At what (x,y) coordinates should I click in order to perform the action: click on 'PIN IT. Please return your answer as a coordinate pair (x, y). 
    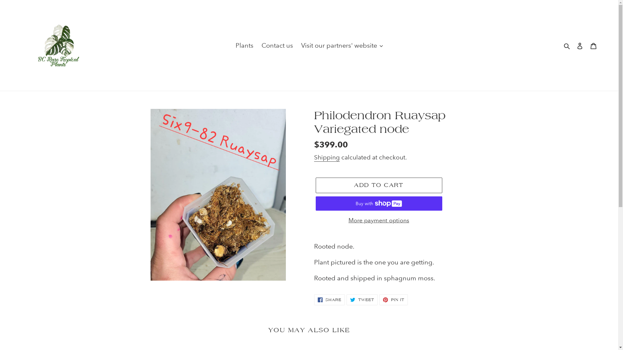
    Looking at the image, I should click on (393, 300).